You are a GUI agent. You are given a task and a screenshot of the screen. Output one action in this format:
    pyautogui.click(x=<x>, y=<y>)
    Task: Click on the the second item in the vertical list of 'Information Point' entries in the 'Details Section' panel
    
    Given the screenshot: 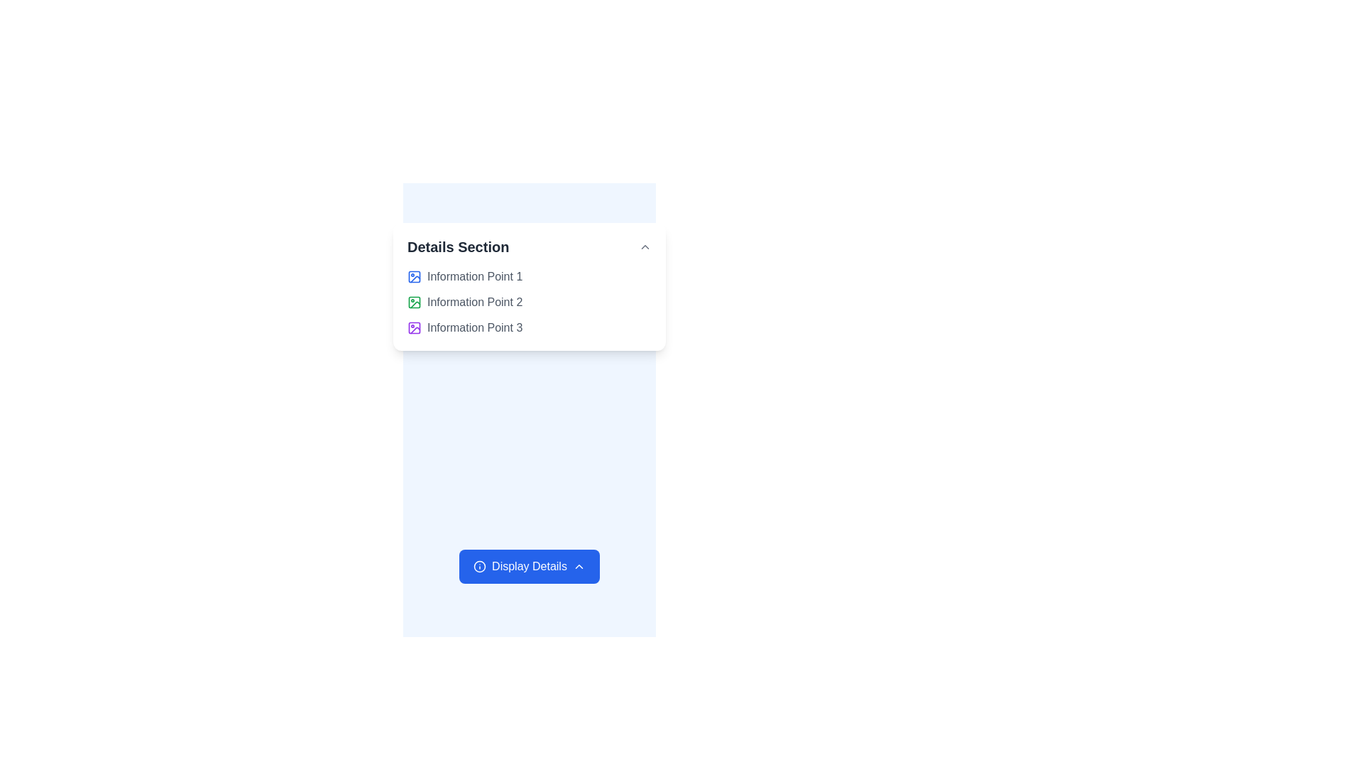 What is the action you would take?
    pyautogui.click(x=528, y=301)
    